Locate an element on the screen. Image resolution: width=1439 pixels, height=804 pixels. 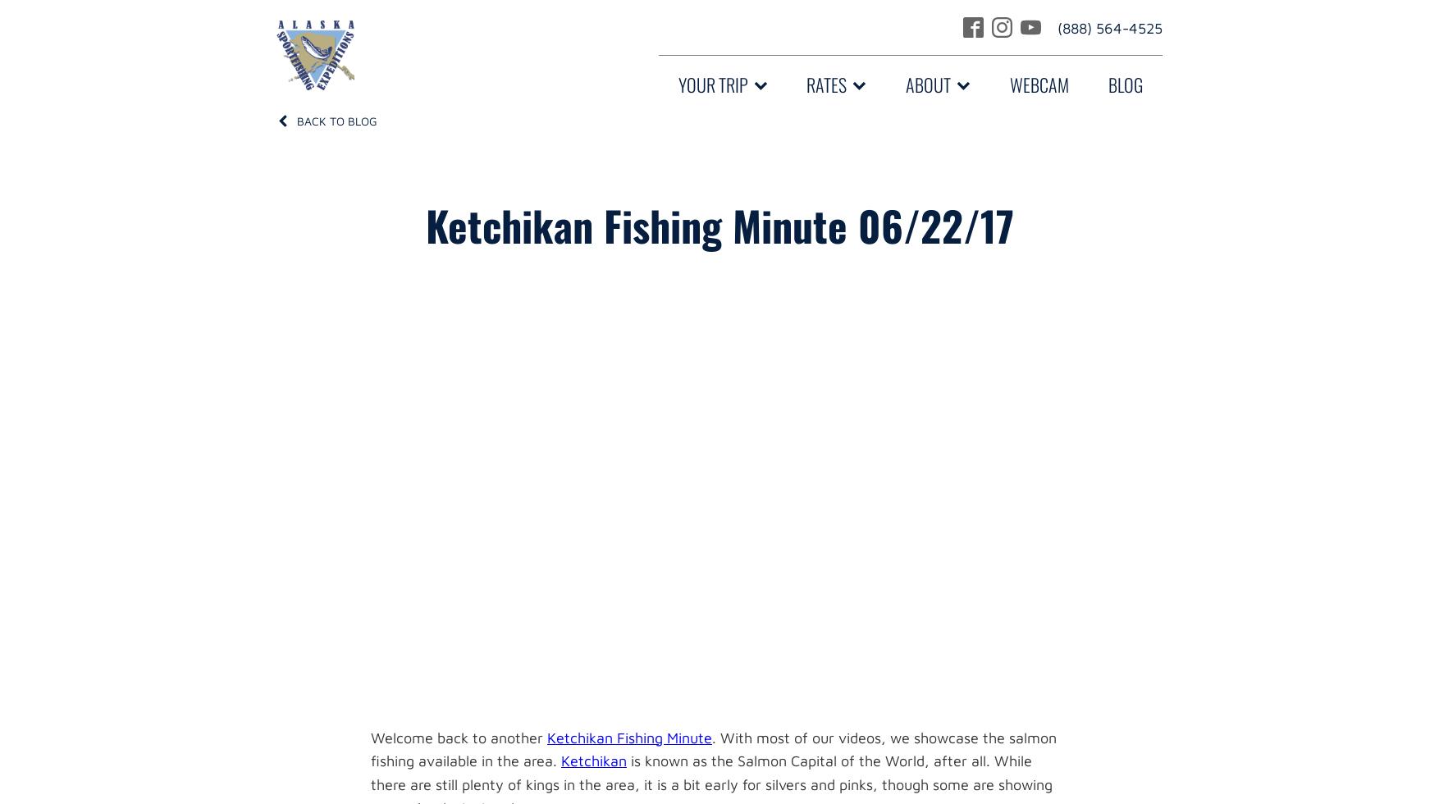
'The Lodges' is located at coordinates (715, 208).